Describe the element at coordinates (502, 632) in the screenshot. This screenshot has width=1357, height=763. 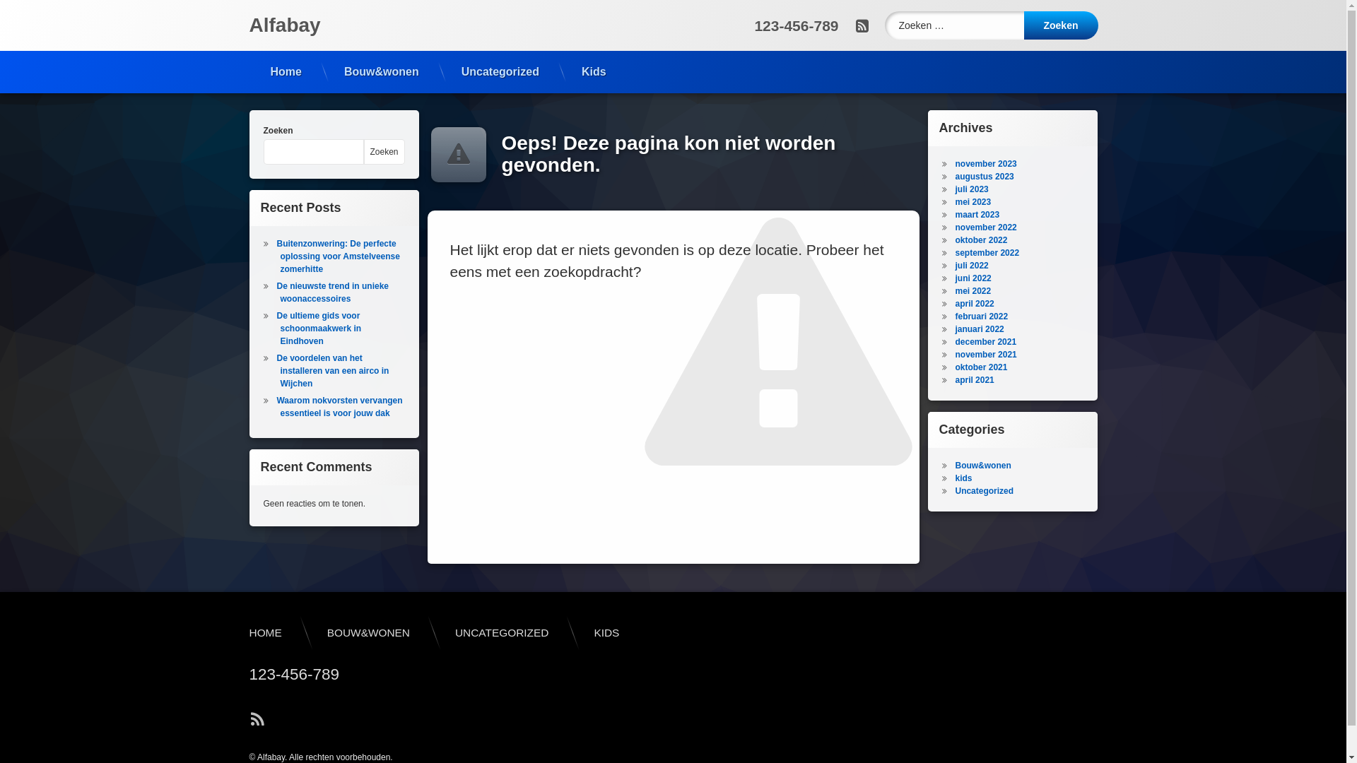
I see `'UNCATEGORIZED'` at that location.